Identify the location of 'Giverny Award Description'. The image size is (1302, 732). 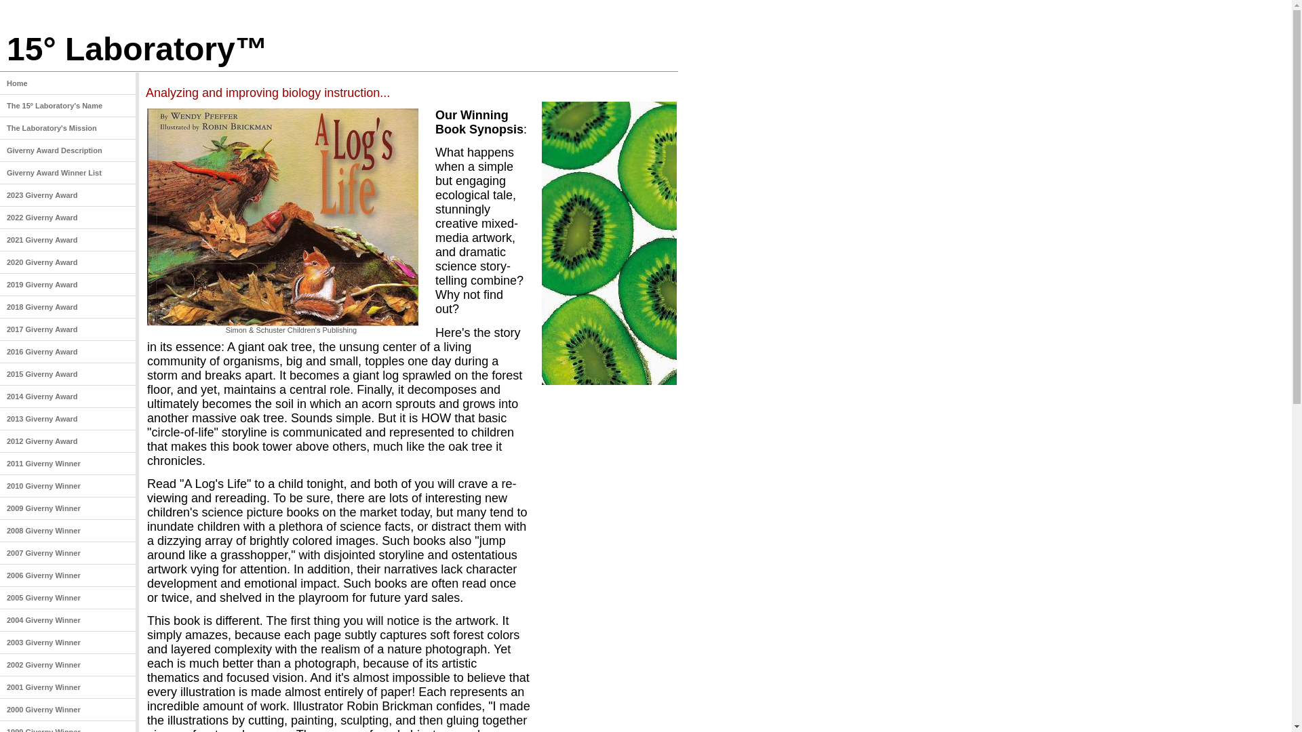
(67, 150).